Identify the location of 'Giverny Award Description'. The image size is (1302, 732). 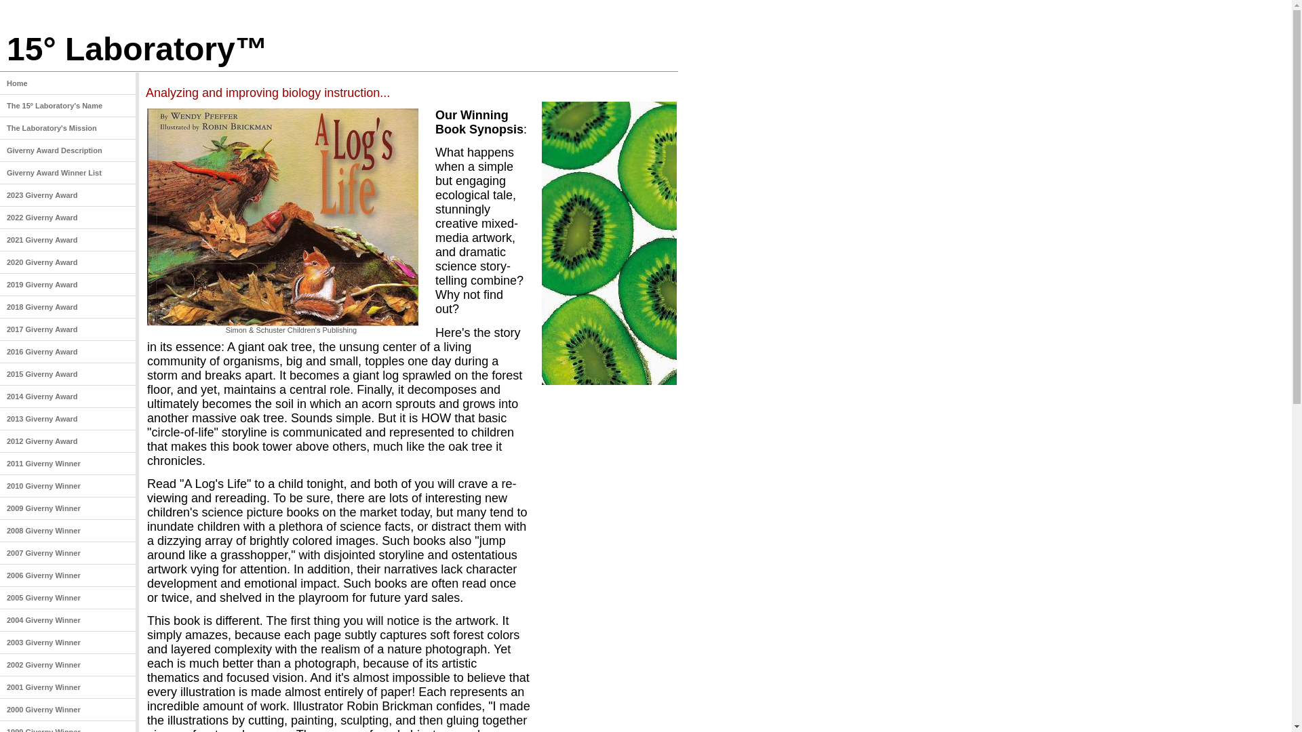
(67, 150).